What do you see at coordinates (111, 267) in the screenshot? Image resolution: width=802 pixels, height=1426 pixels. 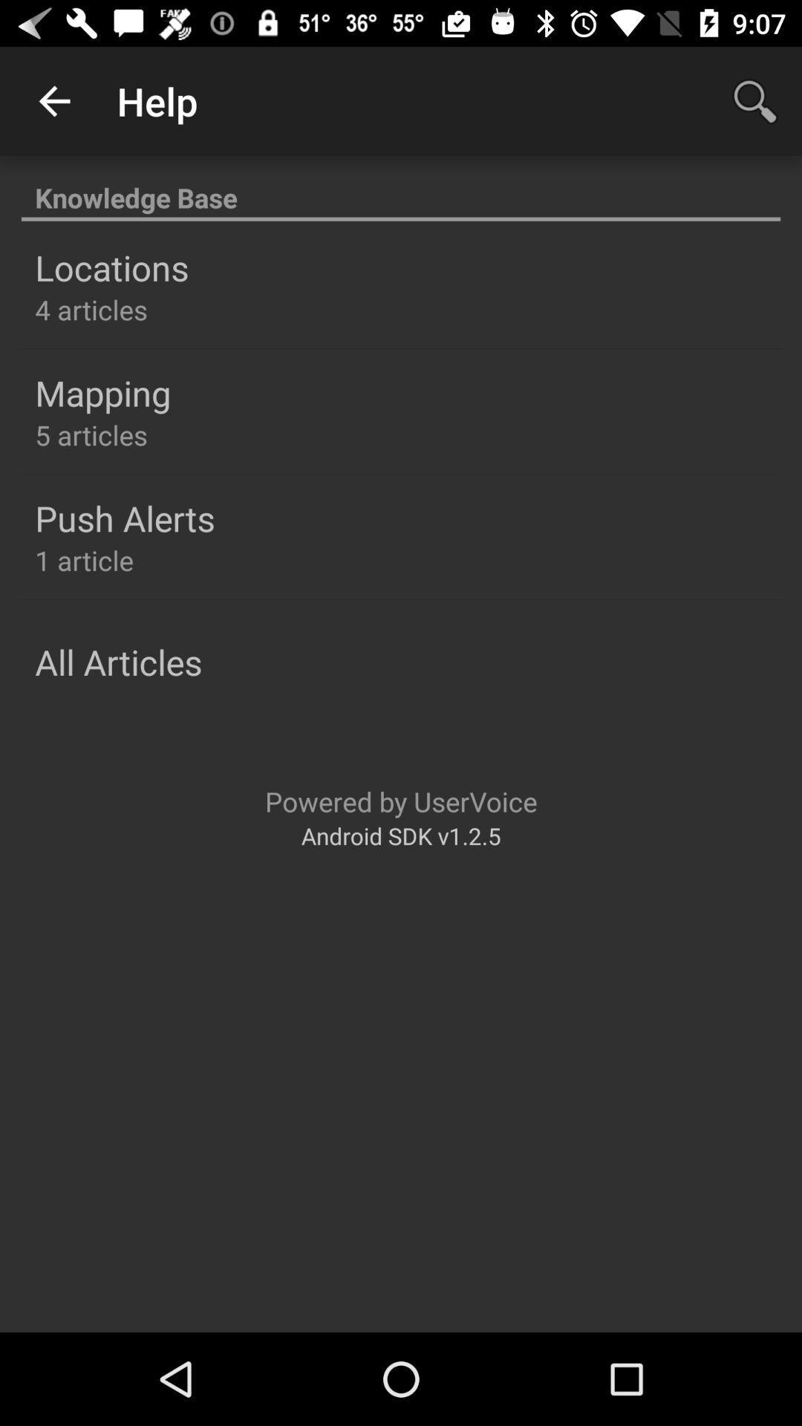 I see `the item above 4 articles icon` at bounding box center [111, 267].